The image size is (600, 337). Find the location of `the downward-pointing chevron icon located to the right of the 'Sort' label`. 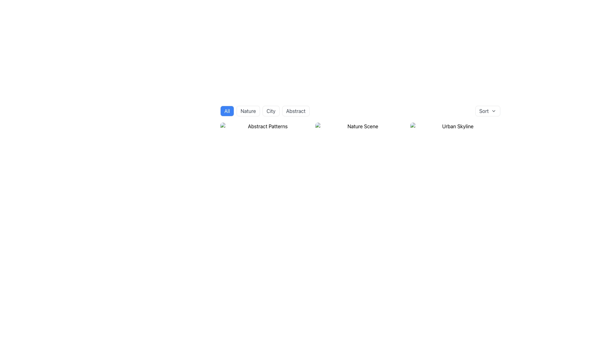

the downward-pointing chevron icon located to the right of the 'Sort' label is located at coordinates (493, 110).